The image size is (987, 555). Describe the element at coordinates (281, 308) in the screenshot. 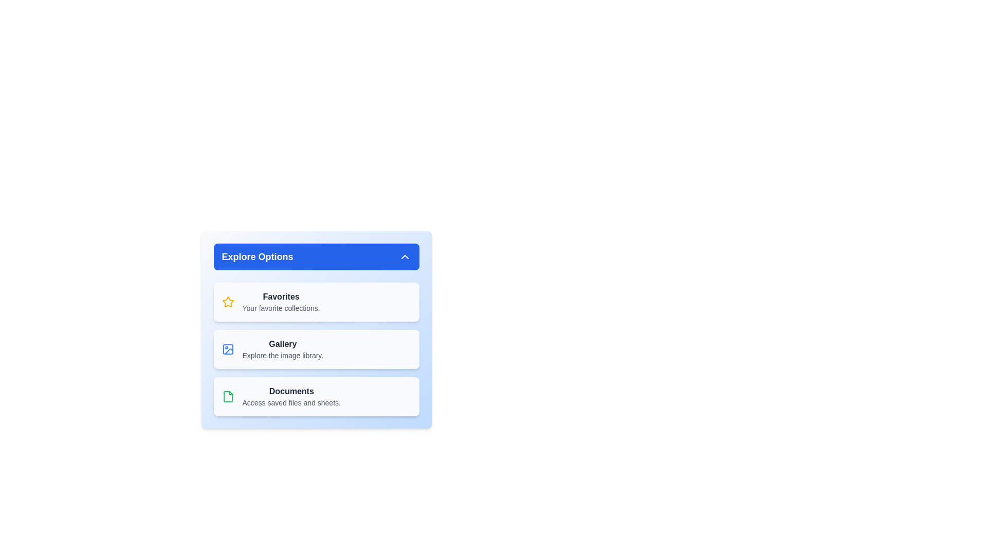

I see `the text block that states 'Your favorite collections.' located in the second row of the 'Favorites' card, positioned below the bold text 'Favorites'` at that location.